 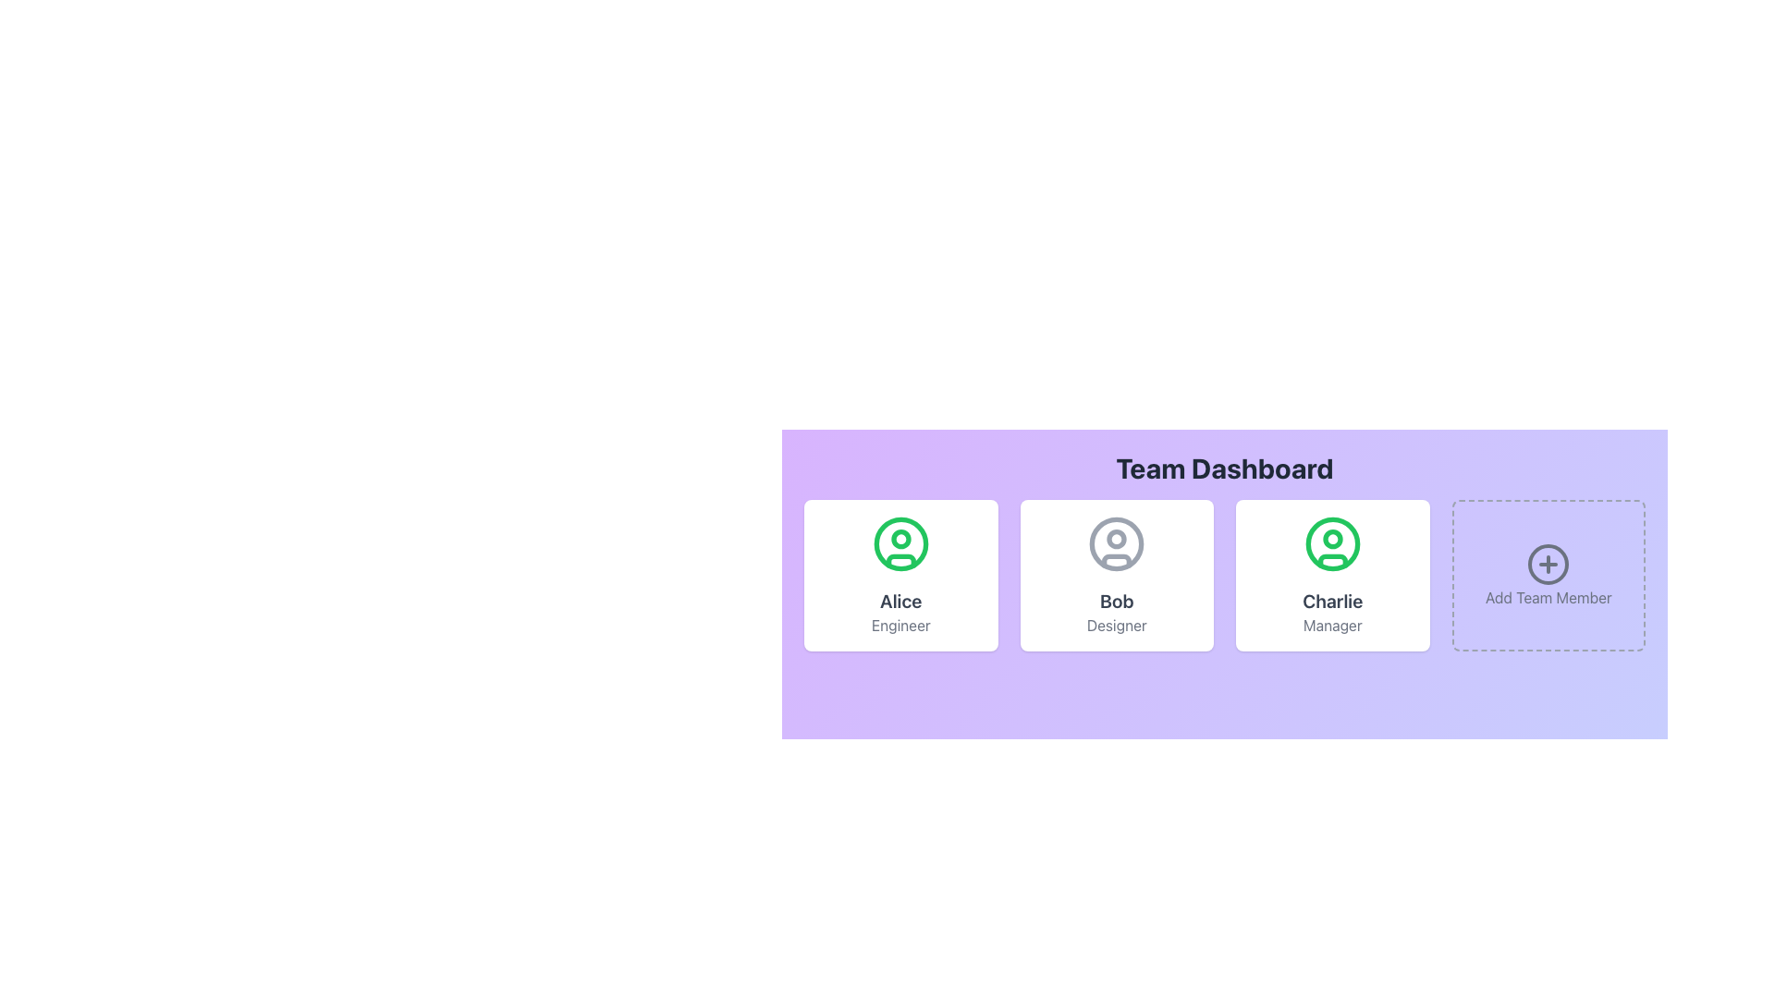 I want to click on the small circle representing the 'head' in the user profile icon for 'Bob Designer', located in the upper region of the larger user profile icon, so click(x=1116, y=539).